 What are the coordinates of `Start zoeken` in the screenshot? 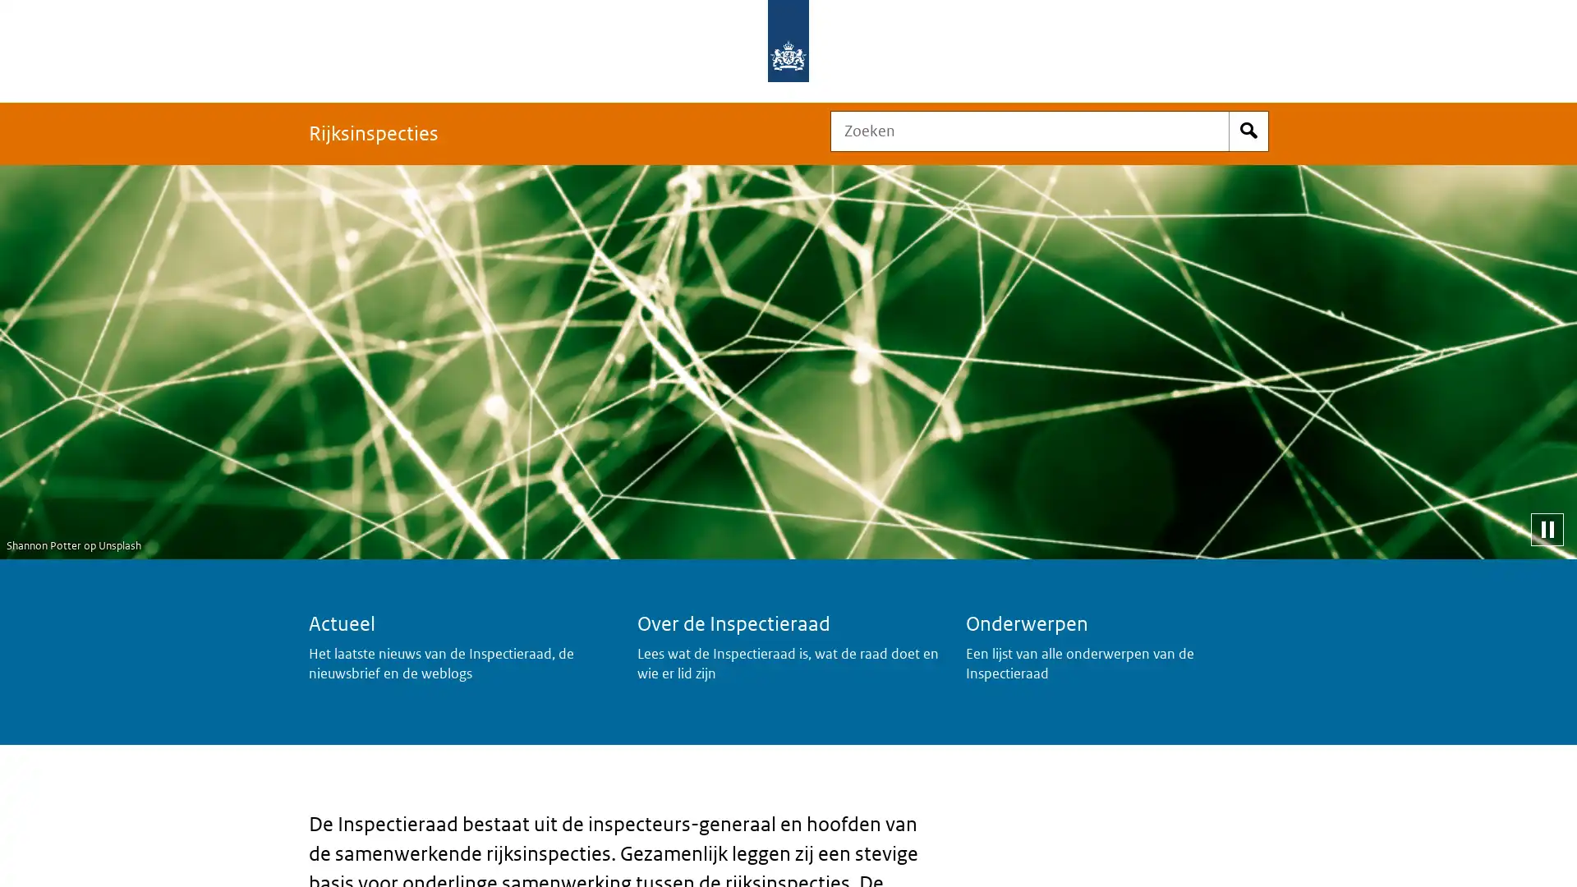 It's located at (1248, 130).